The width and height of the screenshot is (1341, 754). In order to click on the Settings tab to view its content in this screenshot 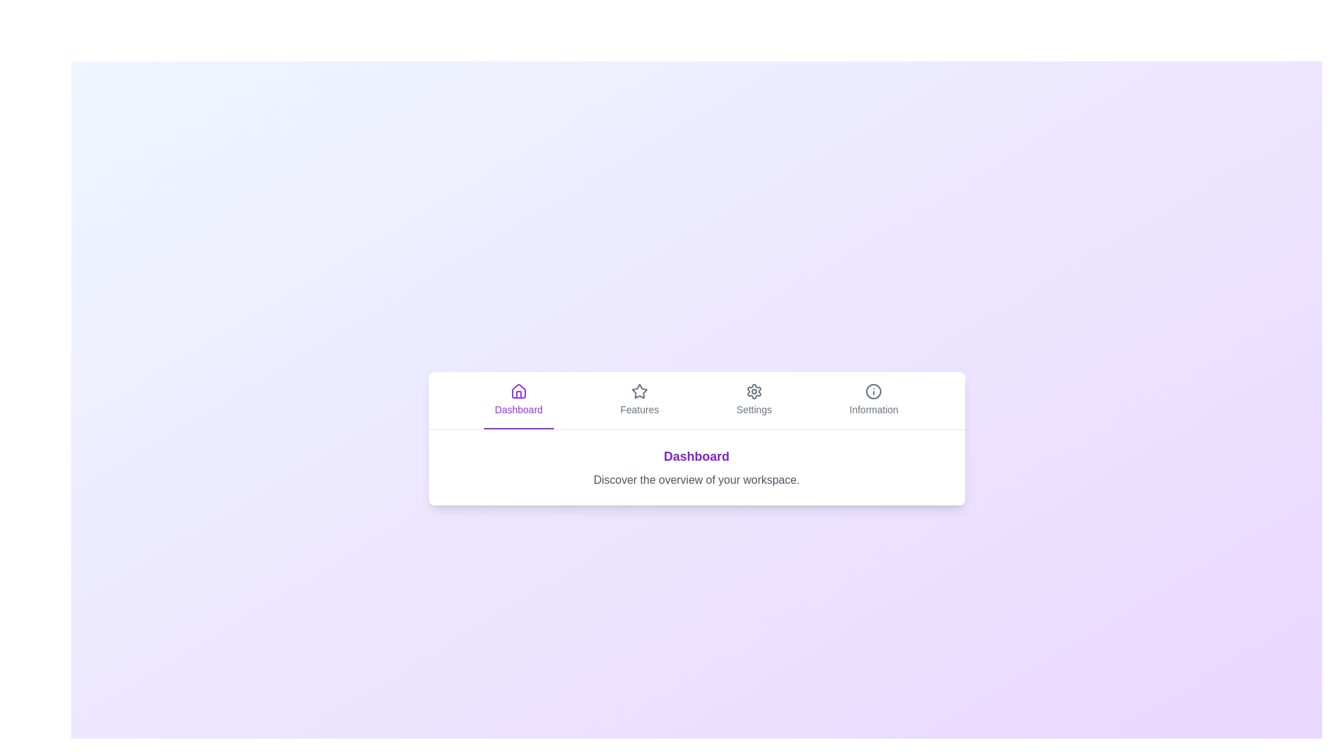, I will do `click(753, 400)`.